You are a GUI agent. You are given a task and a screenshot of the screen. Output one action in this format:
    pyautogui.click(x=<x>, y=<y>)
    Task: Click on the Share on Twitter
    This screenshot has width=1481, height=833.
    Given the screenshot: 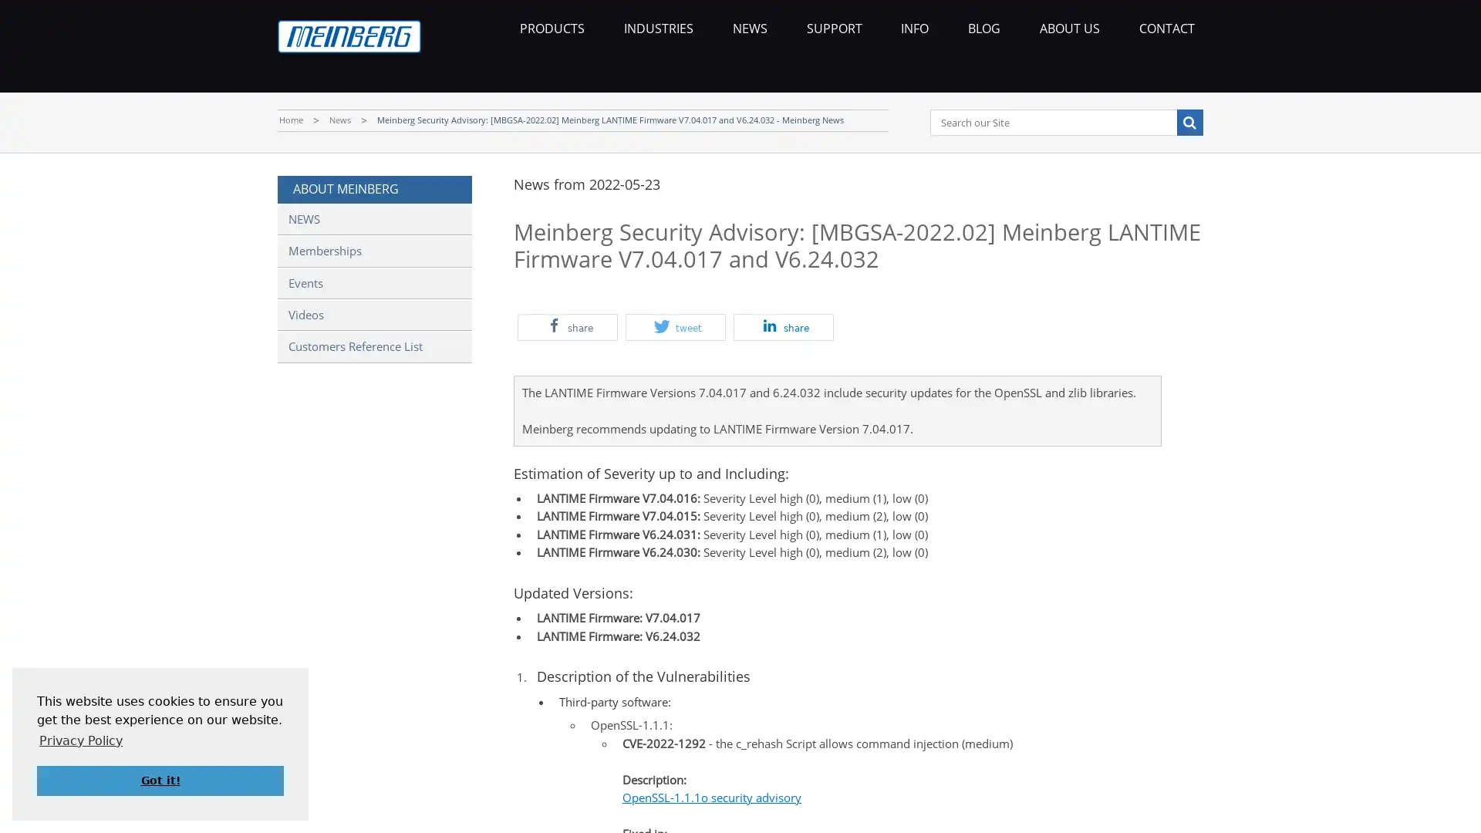 What is the action you would take?
    pyautogui.click(x=675, y=326)
    